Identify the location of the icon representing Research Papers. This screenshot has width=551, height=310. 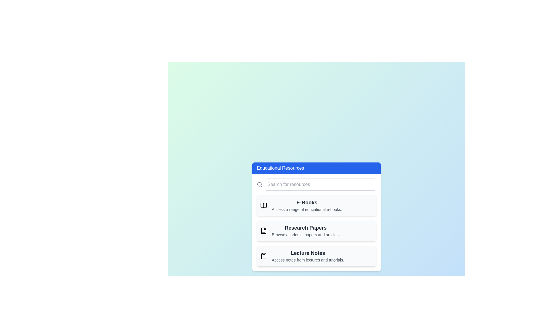
(263, 230).